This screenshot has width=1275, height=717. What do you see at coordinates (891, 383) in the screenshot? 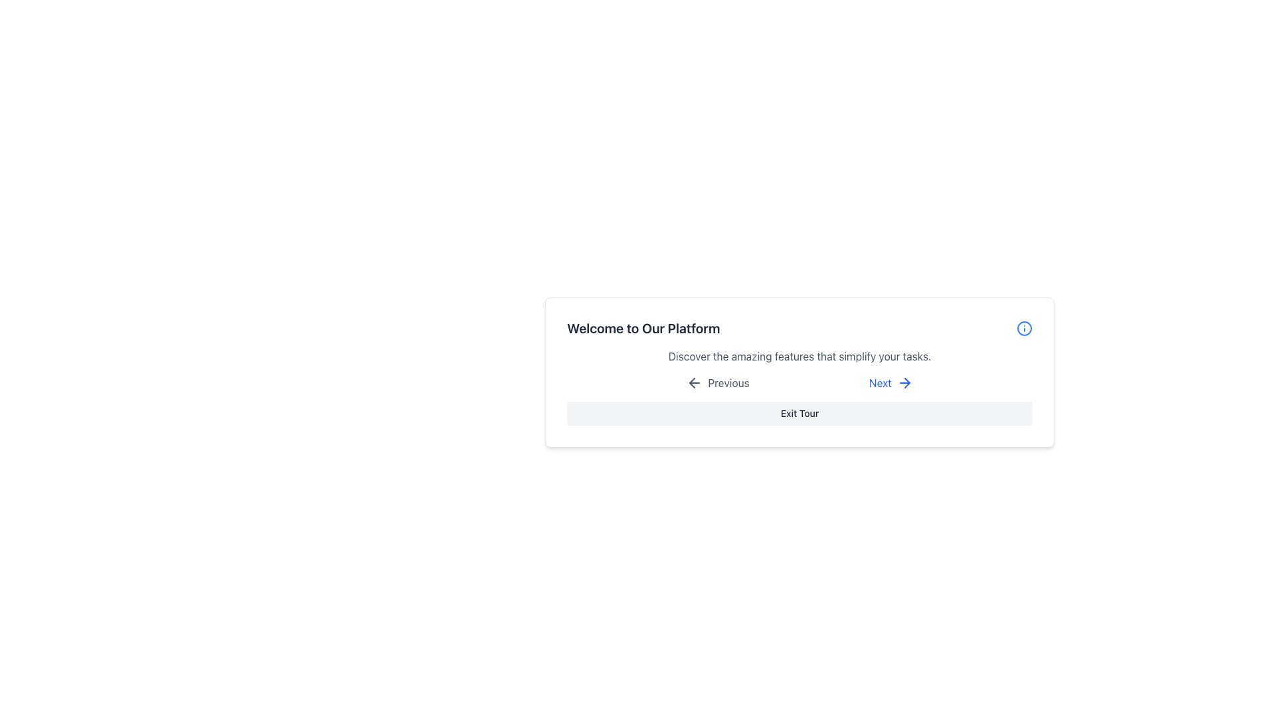
I see `the interactive 'Next' button, which features blue text and a right-pointing arrow` at bounding box center [891, 383].